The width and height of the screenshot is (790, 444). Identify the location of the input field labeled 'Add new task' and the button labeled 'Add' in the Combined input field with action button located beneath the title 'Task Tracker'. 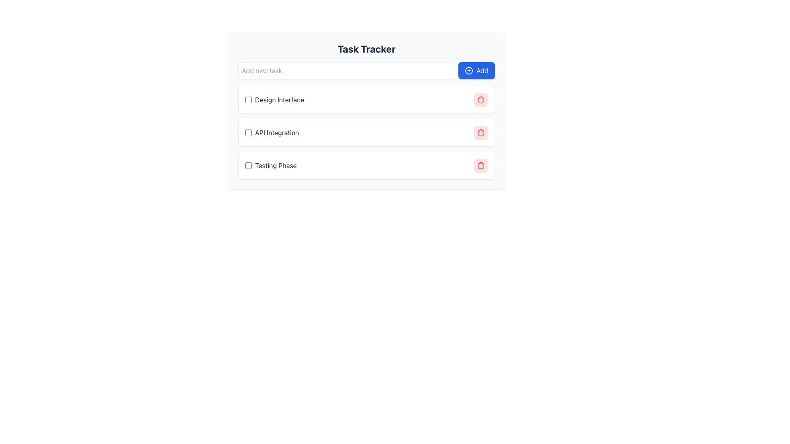
(366, 70).